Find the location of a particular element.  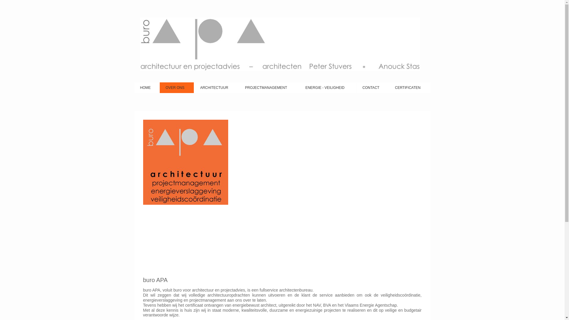

'ARCHITECTUUR' is located at coordinates (194, 88).